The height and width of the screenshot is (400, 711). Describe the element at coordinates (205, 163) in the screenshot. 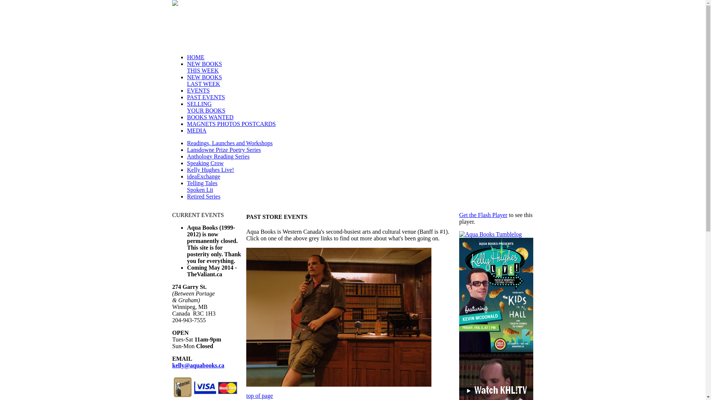

I see `'Speaking Crow'` at that location.